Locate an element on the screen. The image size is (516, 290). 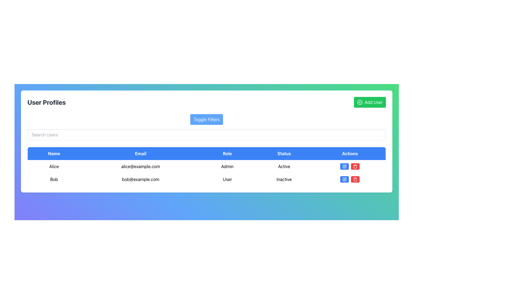
the red delete button in the actions column for the user 'Bob' in the table is located at coordinates (350, 179).